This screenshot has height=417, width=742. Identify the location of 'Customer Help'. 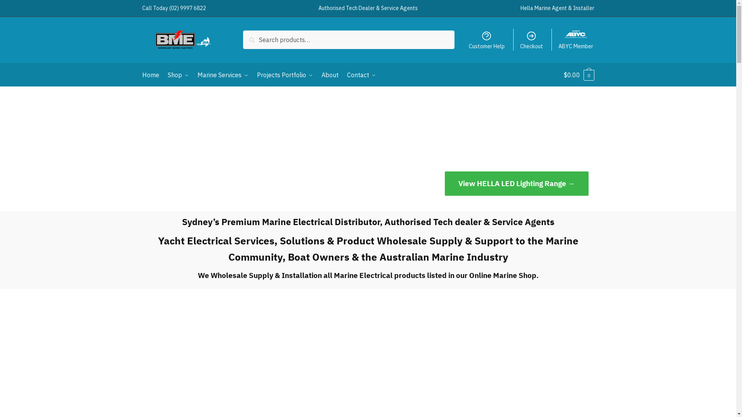
(486, 40).